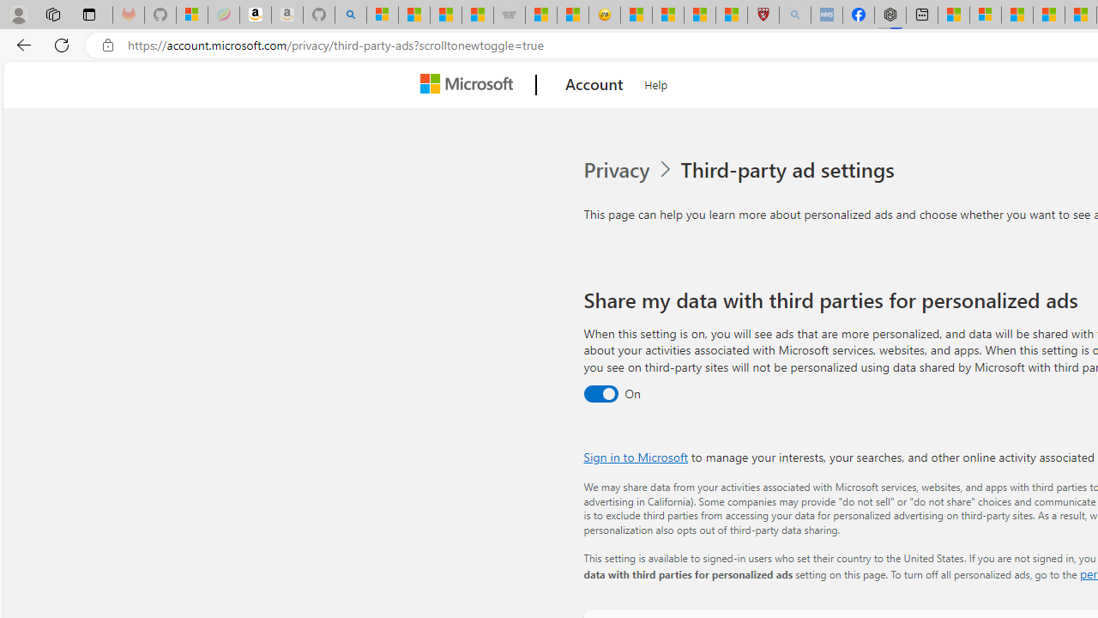 The width and height of the screenshot is (1098, 618). I want to click on 'Sign in to Microsoft', so click(635, 456).